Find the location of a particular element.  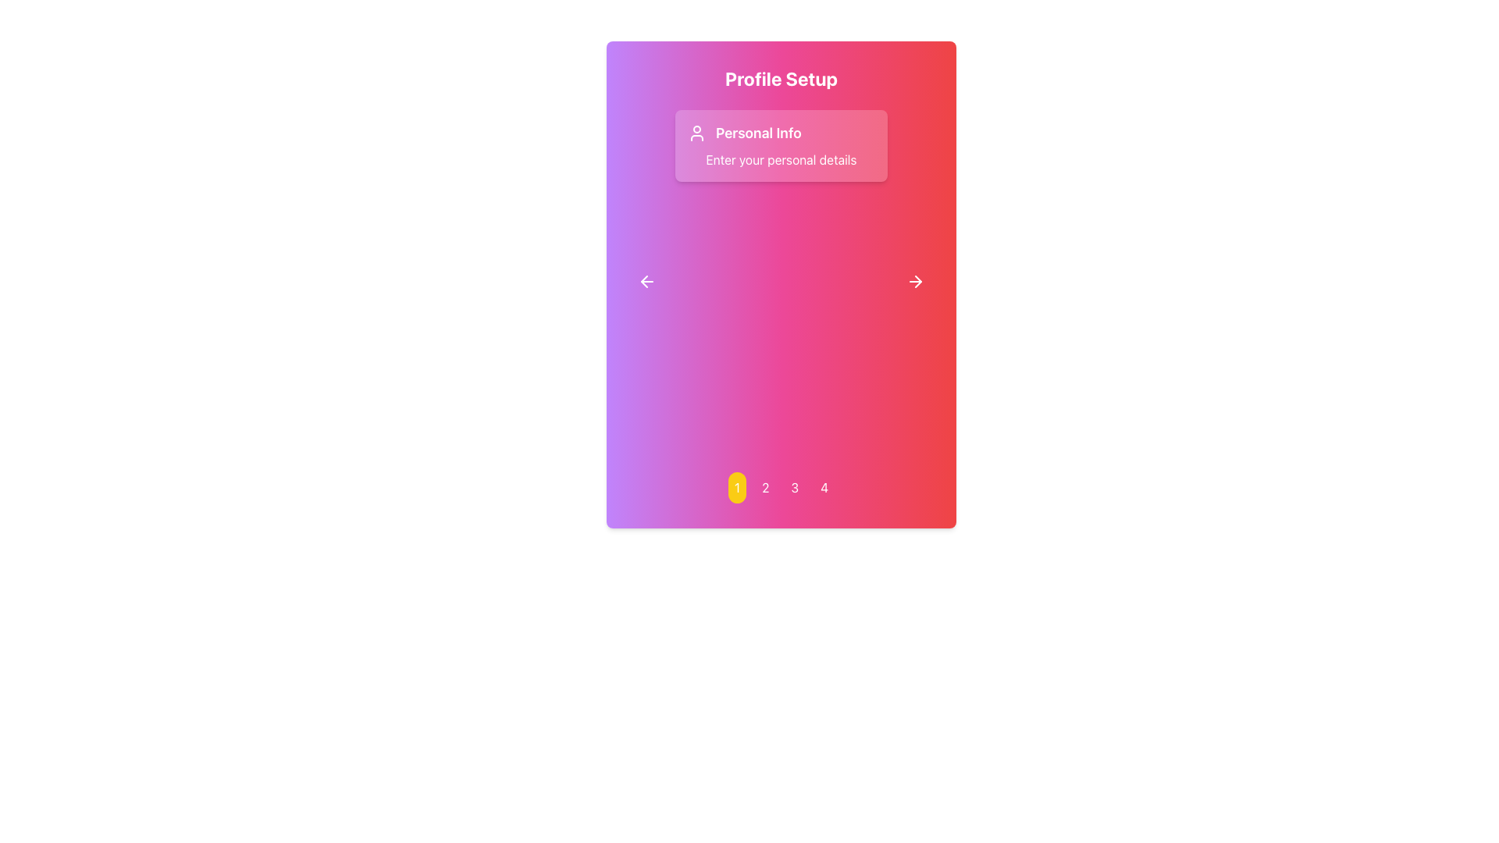

the leftward-pointing arrow button located in the left-hand section of the modal is located at coordinates (647, 282).